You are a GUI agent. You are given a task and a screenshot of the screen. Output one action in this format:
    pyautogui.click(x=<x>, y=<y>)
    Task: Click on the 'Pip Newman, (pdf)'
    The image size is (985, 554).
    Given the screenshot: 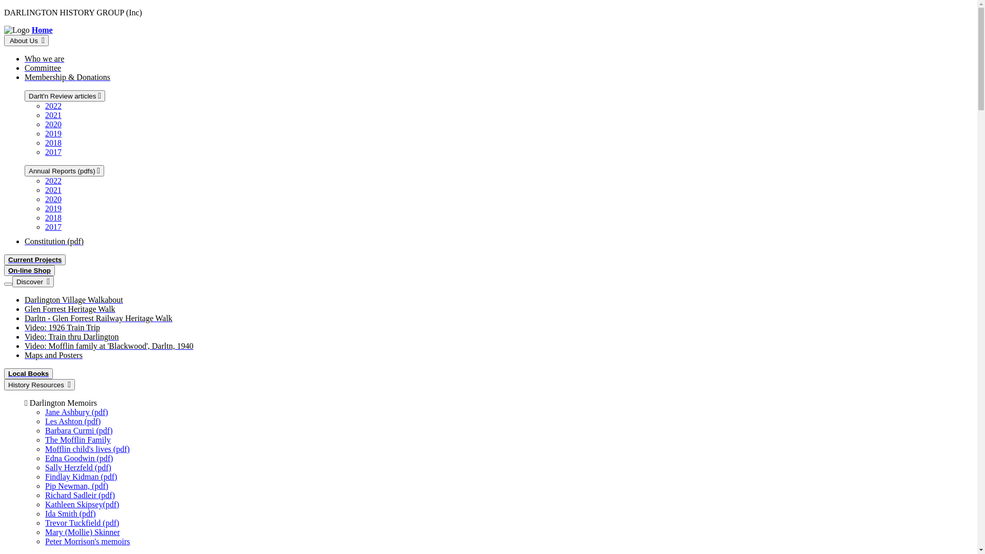 What is the action you would take?
    pyautogui.click(x=76, y=485)
    